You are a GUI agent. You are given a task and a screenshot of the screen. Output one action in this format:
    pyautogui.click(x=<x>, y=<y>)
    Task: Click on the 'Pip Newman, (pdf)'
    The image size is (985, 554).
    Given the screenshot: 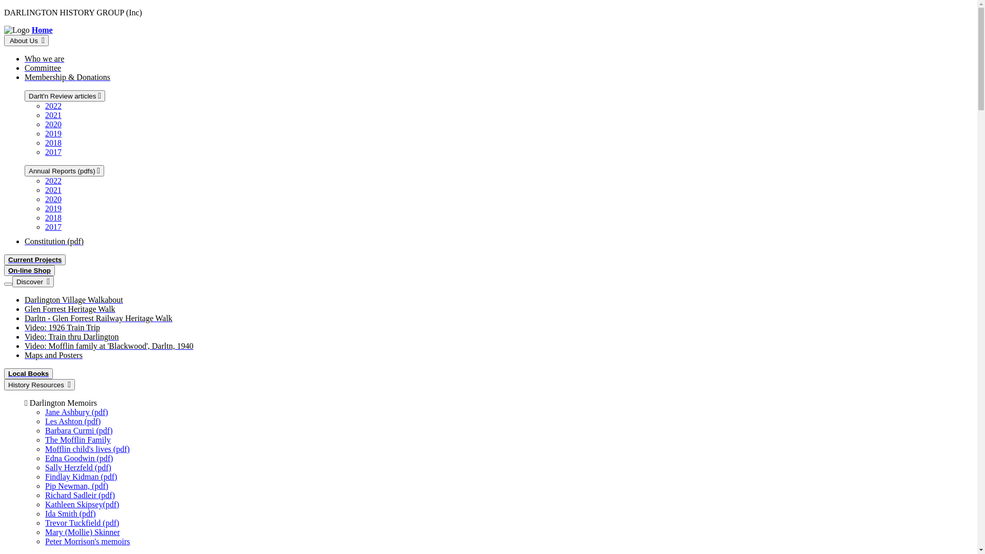 What is the action you would take?
    pyautogui.click(x=76, y=485)
    